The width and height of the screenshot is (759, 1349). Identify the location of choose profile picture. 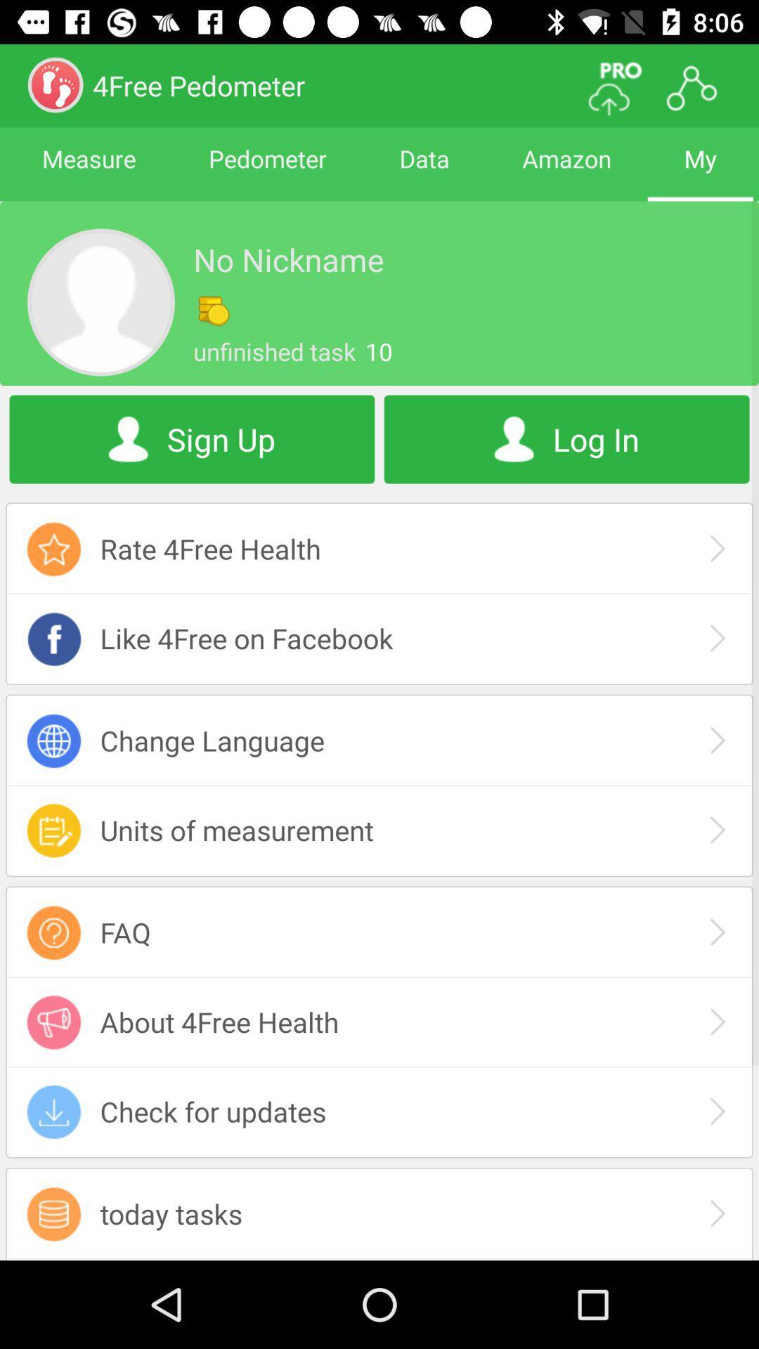
(100, 301).